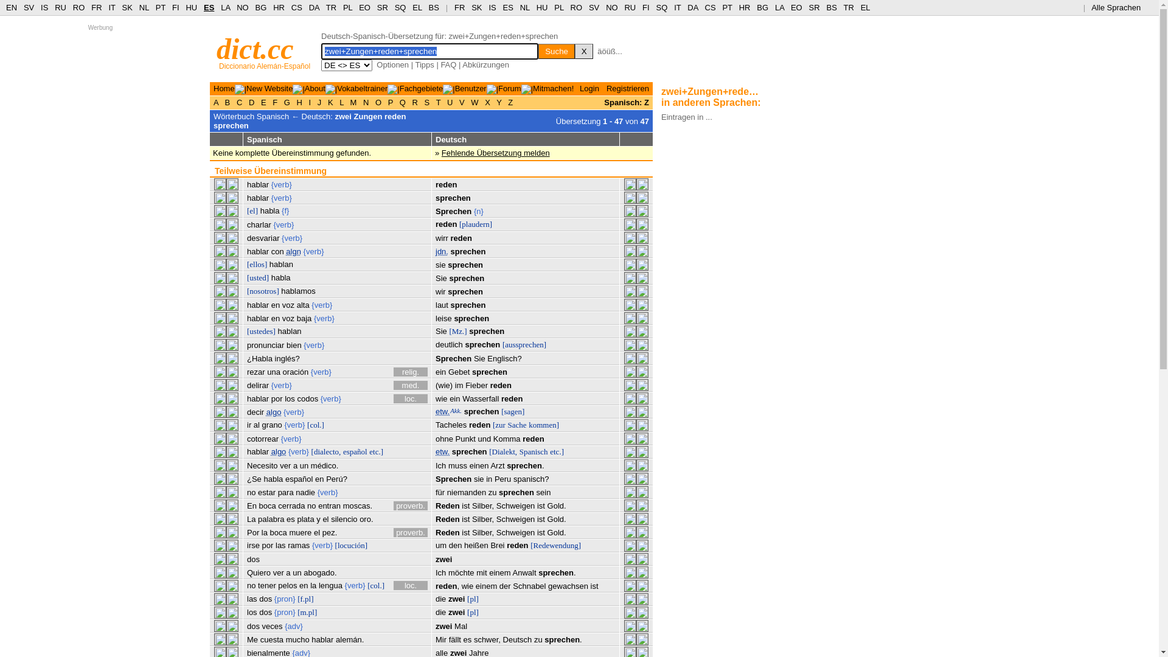  Describe the element at coordinates (467, 304) in the screenshot. I see `'sprechen'` at that location.